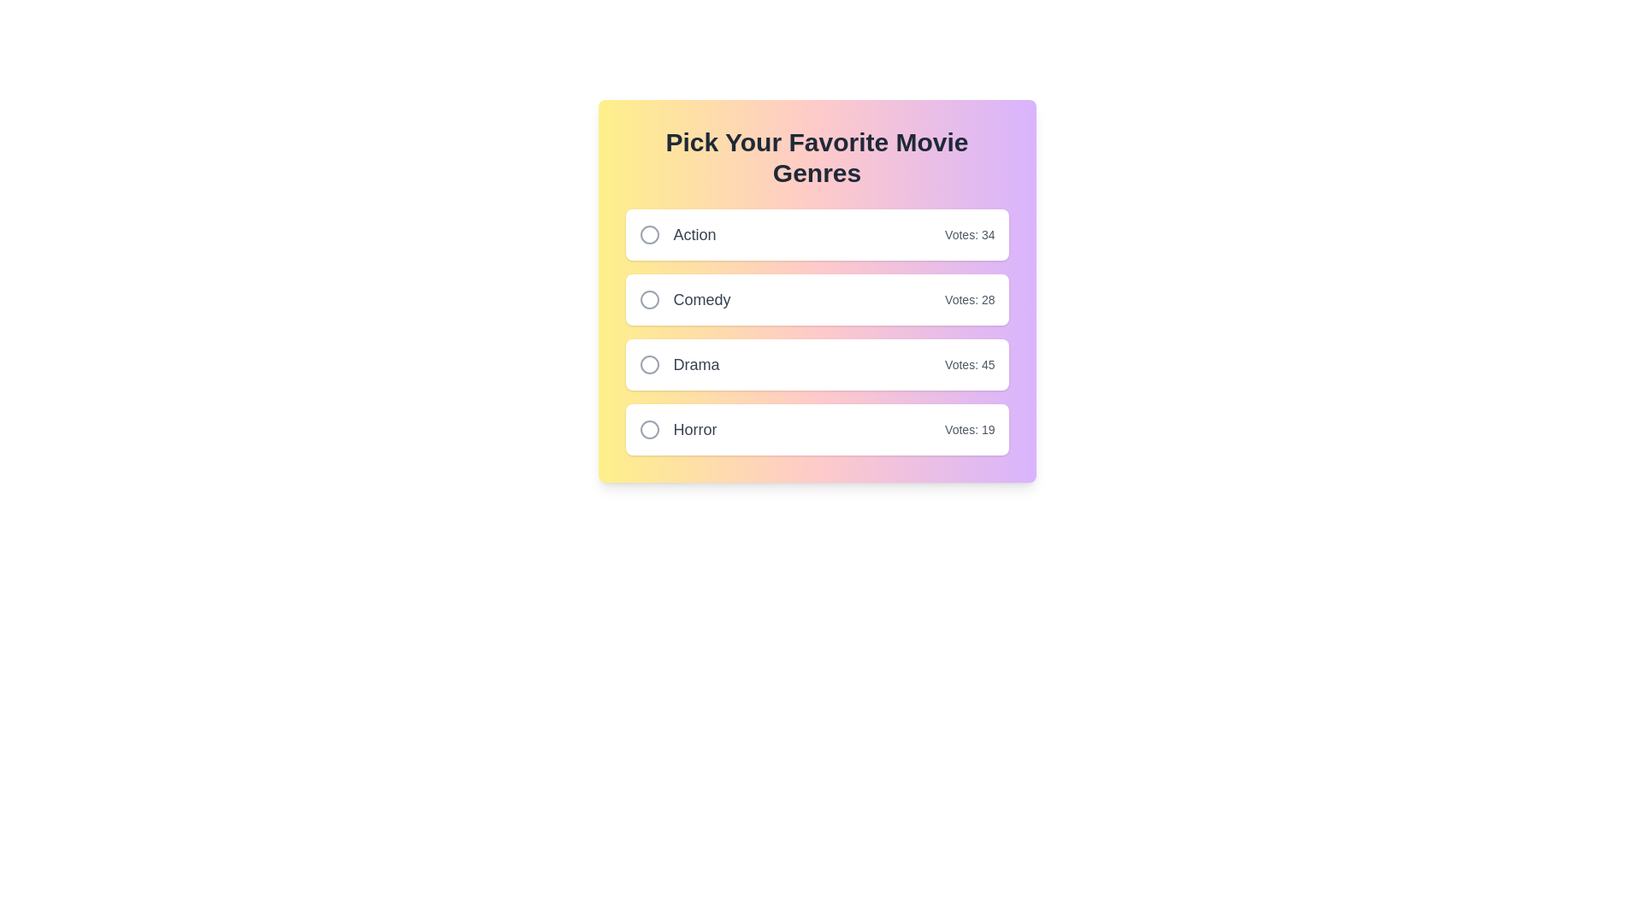  I want to click on the genre Drama, so click(648, 364).